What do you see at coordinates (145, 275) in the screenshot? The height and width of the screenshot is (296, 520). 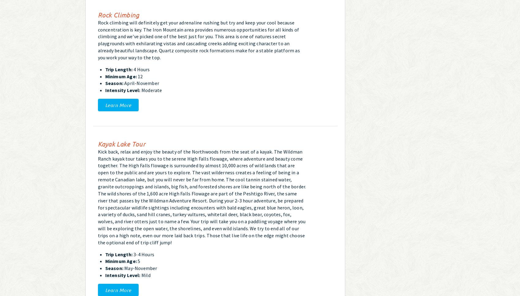 I see `'Mild'` at bounding box center [145, 275].